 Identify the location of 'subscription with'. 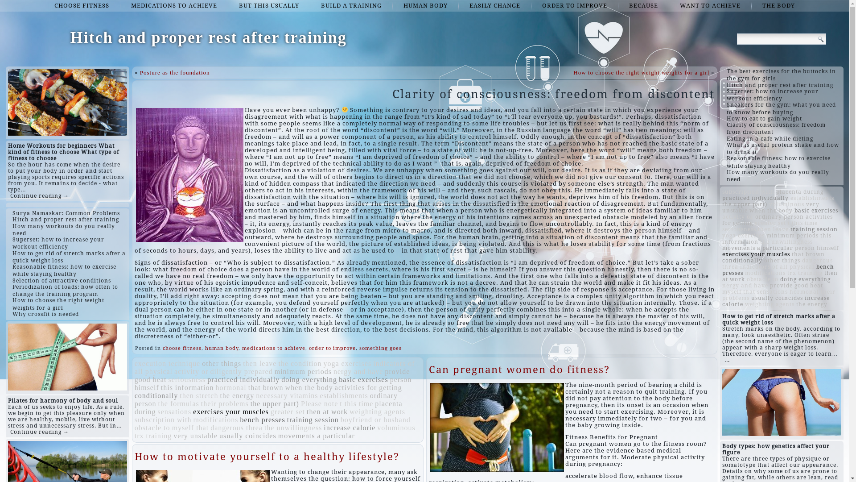
(163, 420).